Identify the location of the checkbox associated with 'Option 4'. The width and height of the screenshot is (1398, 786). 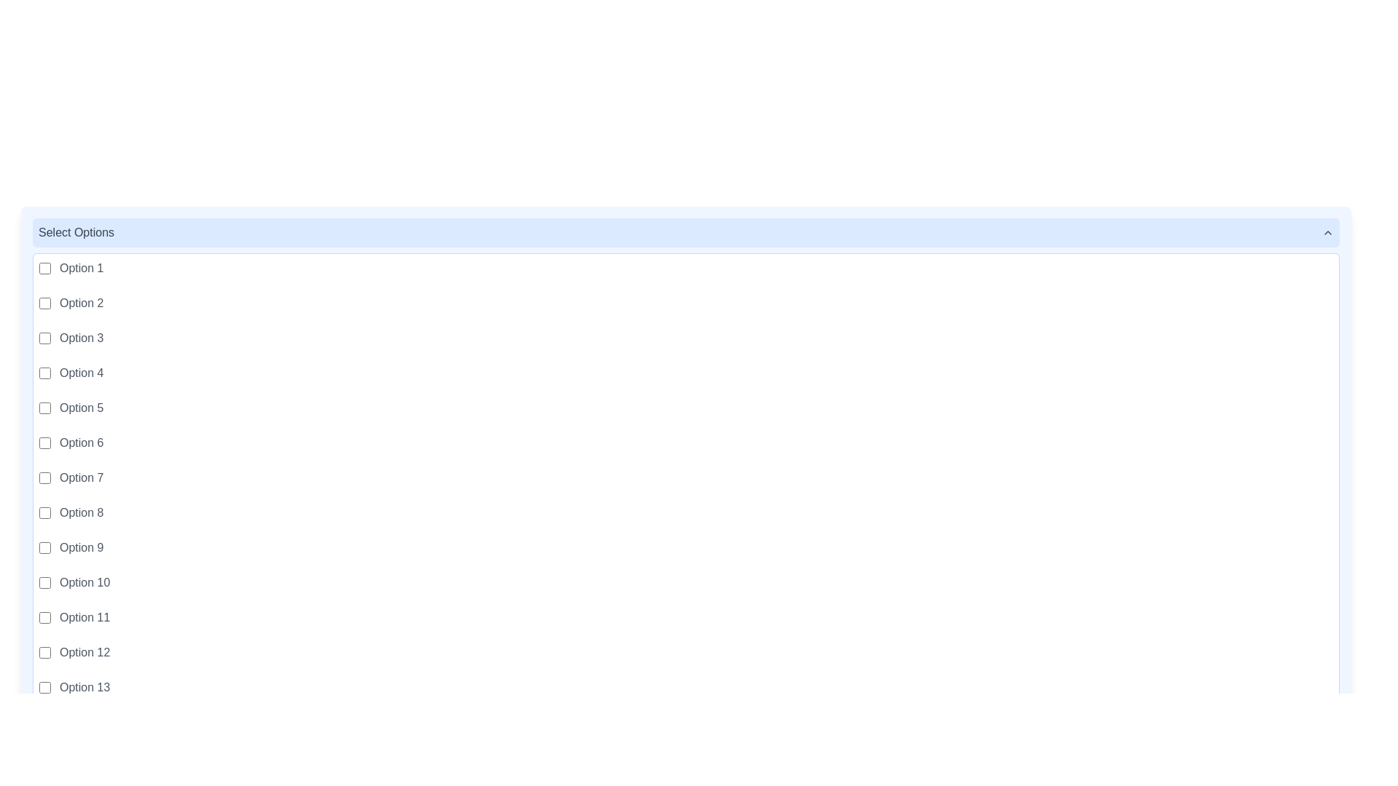
(45, 373).